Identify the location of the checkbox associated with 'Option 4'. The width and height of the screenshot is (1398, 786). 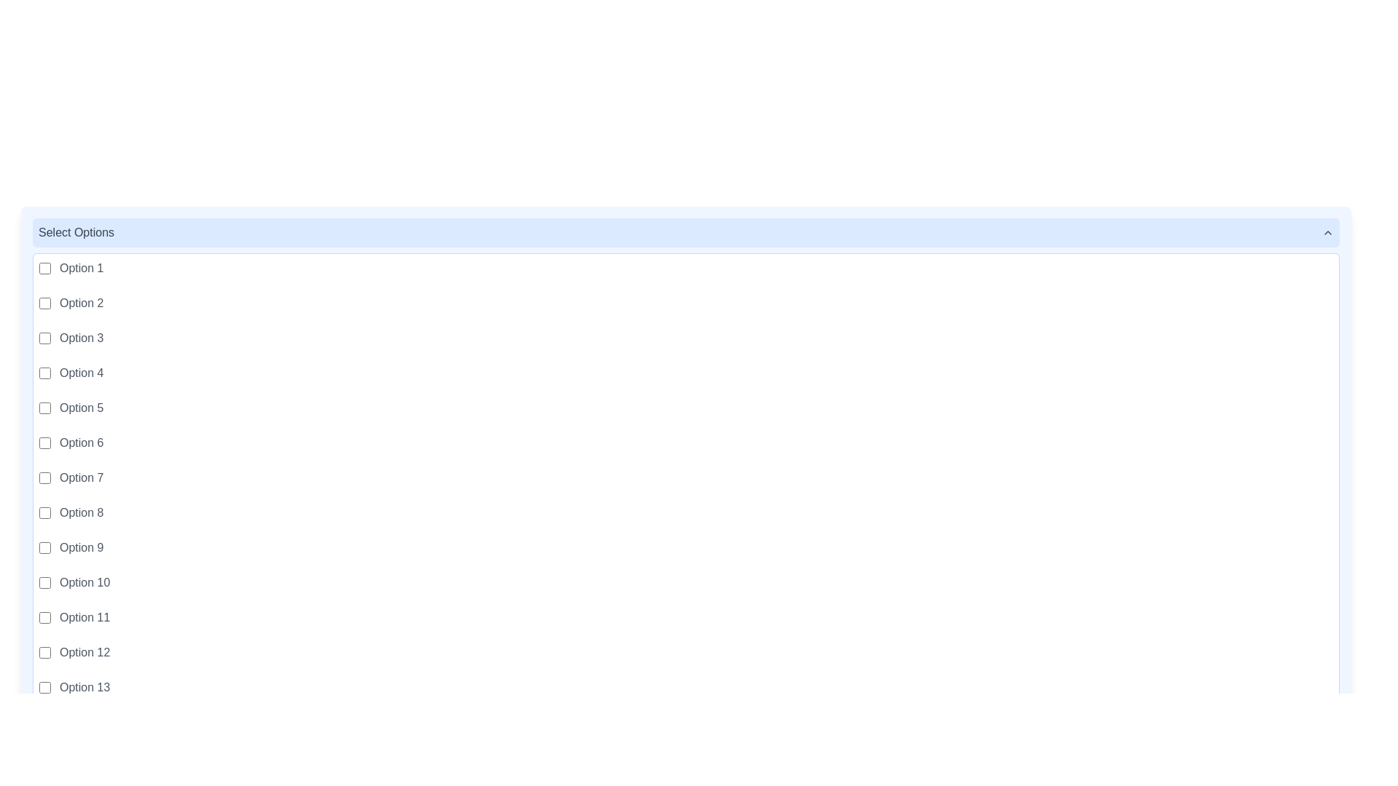
(45, 373).